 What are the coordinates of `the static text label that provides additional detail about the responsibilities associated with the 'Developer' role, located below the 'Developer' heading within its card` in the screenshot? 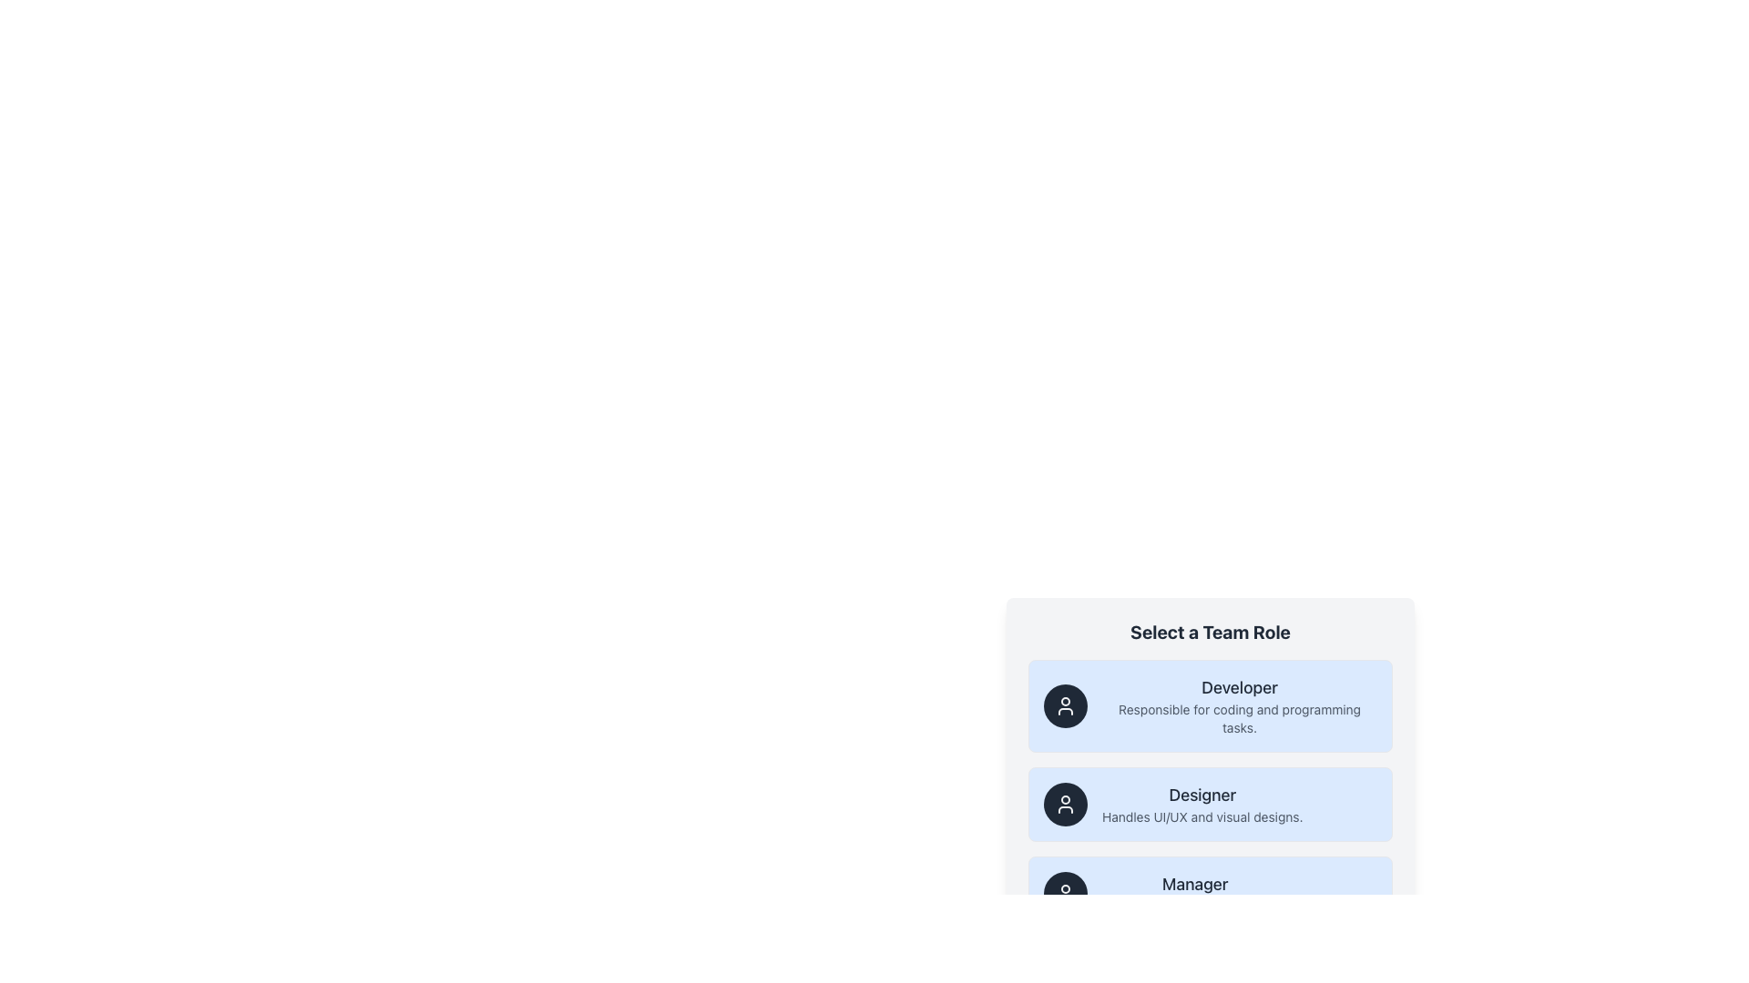 It's located at (1239, 718).